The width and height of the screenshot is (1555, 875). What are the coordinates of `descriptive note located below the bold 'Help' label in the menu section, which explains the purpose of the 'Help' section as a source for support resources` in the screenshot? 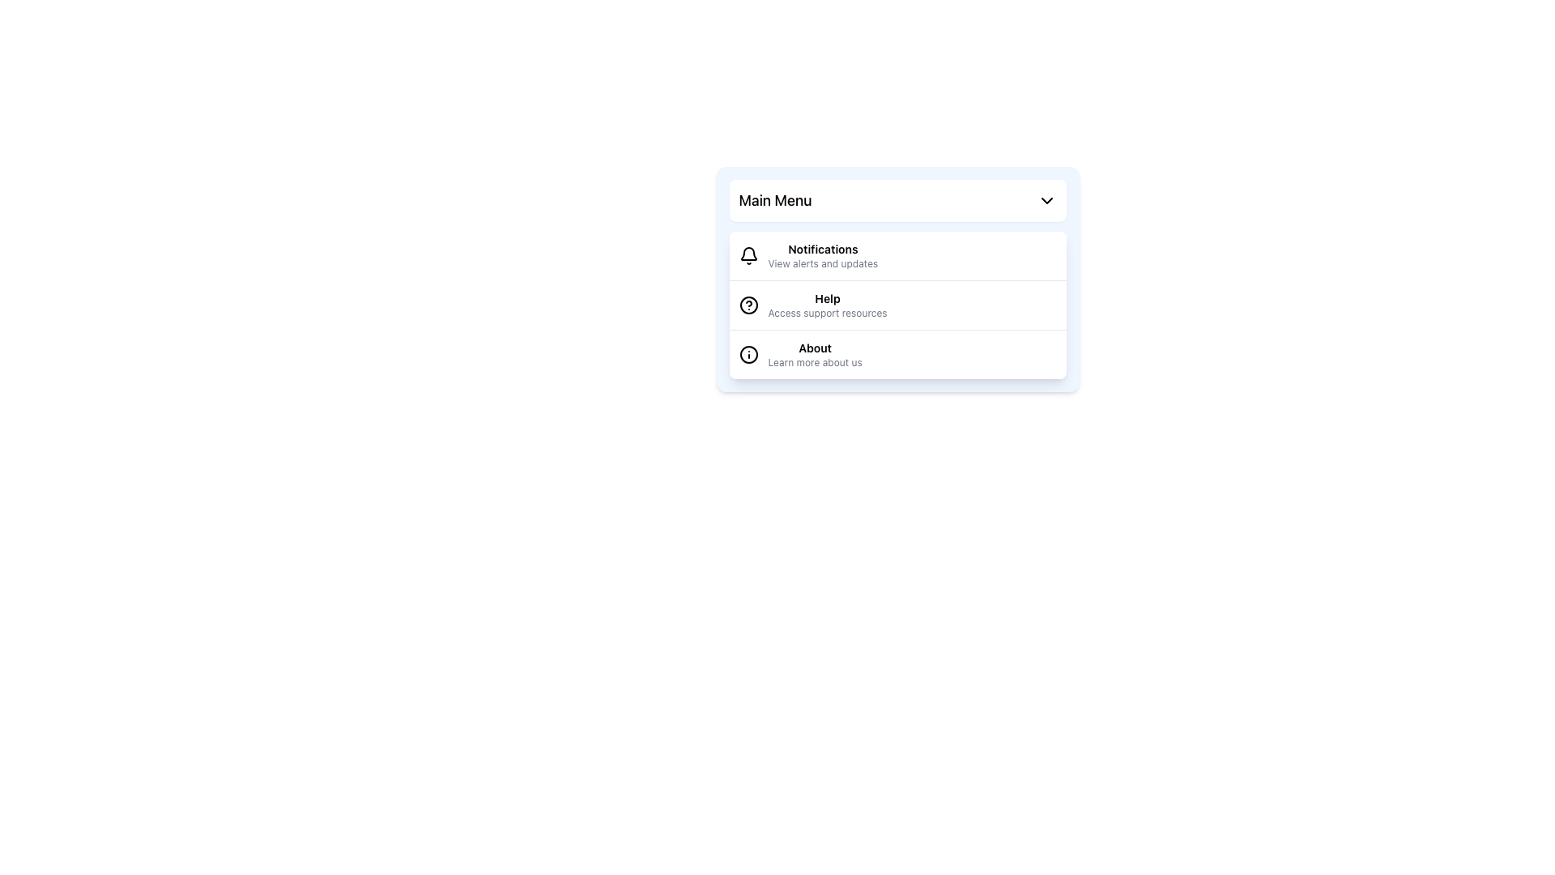 It's located at (828, 313).